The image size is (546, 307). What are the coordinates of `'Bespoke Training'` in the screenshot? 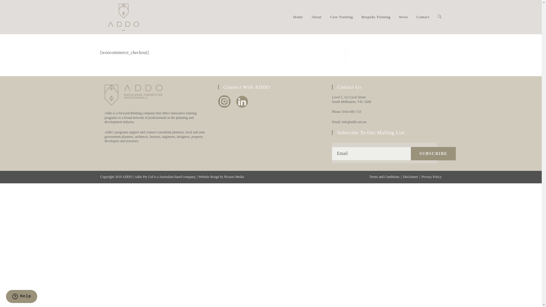 It's located at (376, 17).